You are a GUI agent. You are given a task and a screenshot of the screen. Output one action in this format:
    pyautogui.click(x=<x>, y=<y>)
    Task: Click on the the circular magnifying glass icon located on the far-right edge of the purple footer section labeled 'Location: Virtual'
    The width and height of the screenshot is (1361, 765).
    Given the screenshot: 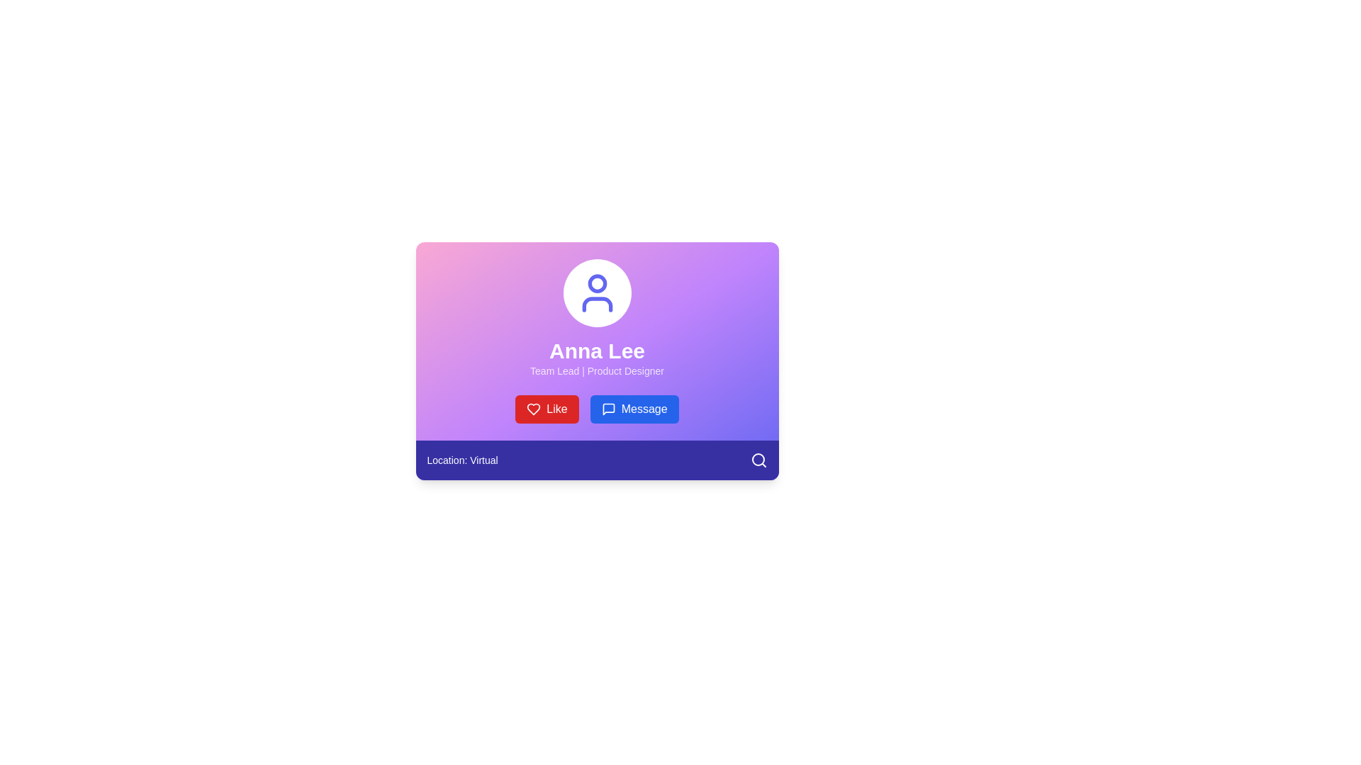 What is the action you would take?
    pyautogui.click(x=758, y=460)
    